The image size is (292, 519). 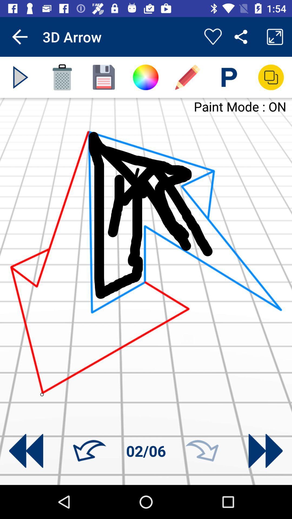 I want to click on the save icon, so click(x=104, y=77).